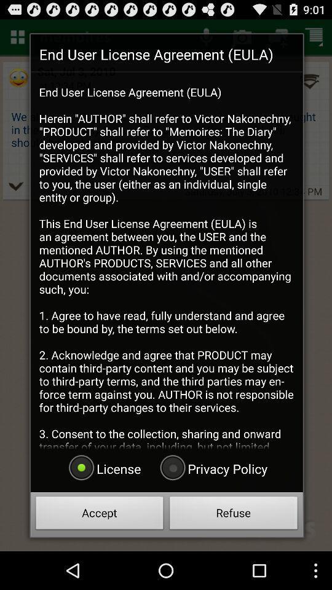 This screenshot has width=332, height=590. I want to click on the radio button below the privacy policy radio button, so click(234, 514).